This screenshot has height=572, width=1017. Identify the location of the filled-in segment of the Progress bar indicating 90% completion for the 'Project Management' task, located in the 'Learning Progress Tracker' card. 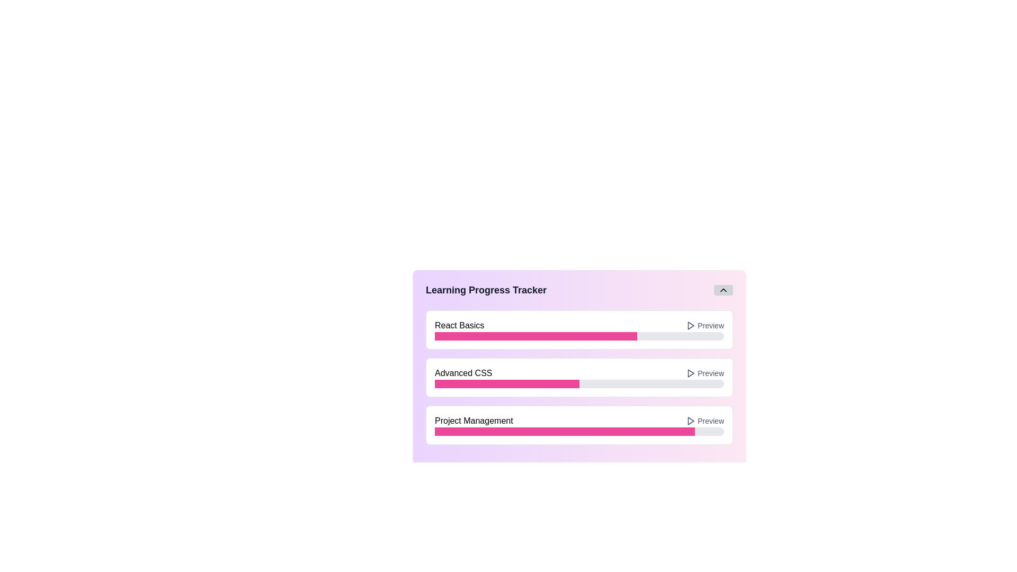
(564, 431).